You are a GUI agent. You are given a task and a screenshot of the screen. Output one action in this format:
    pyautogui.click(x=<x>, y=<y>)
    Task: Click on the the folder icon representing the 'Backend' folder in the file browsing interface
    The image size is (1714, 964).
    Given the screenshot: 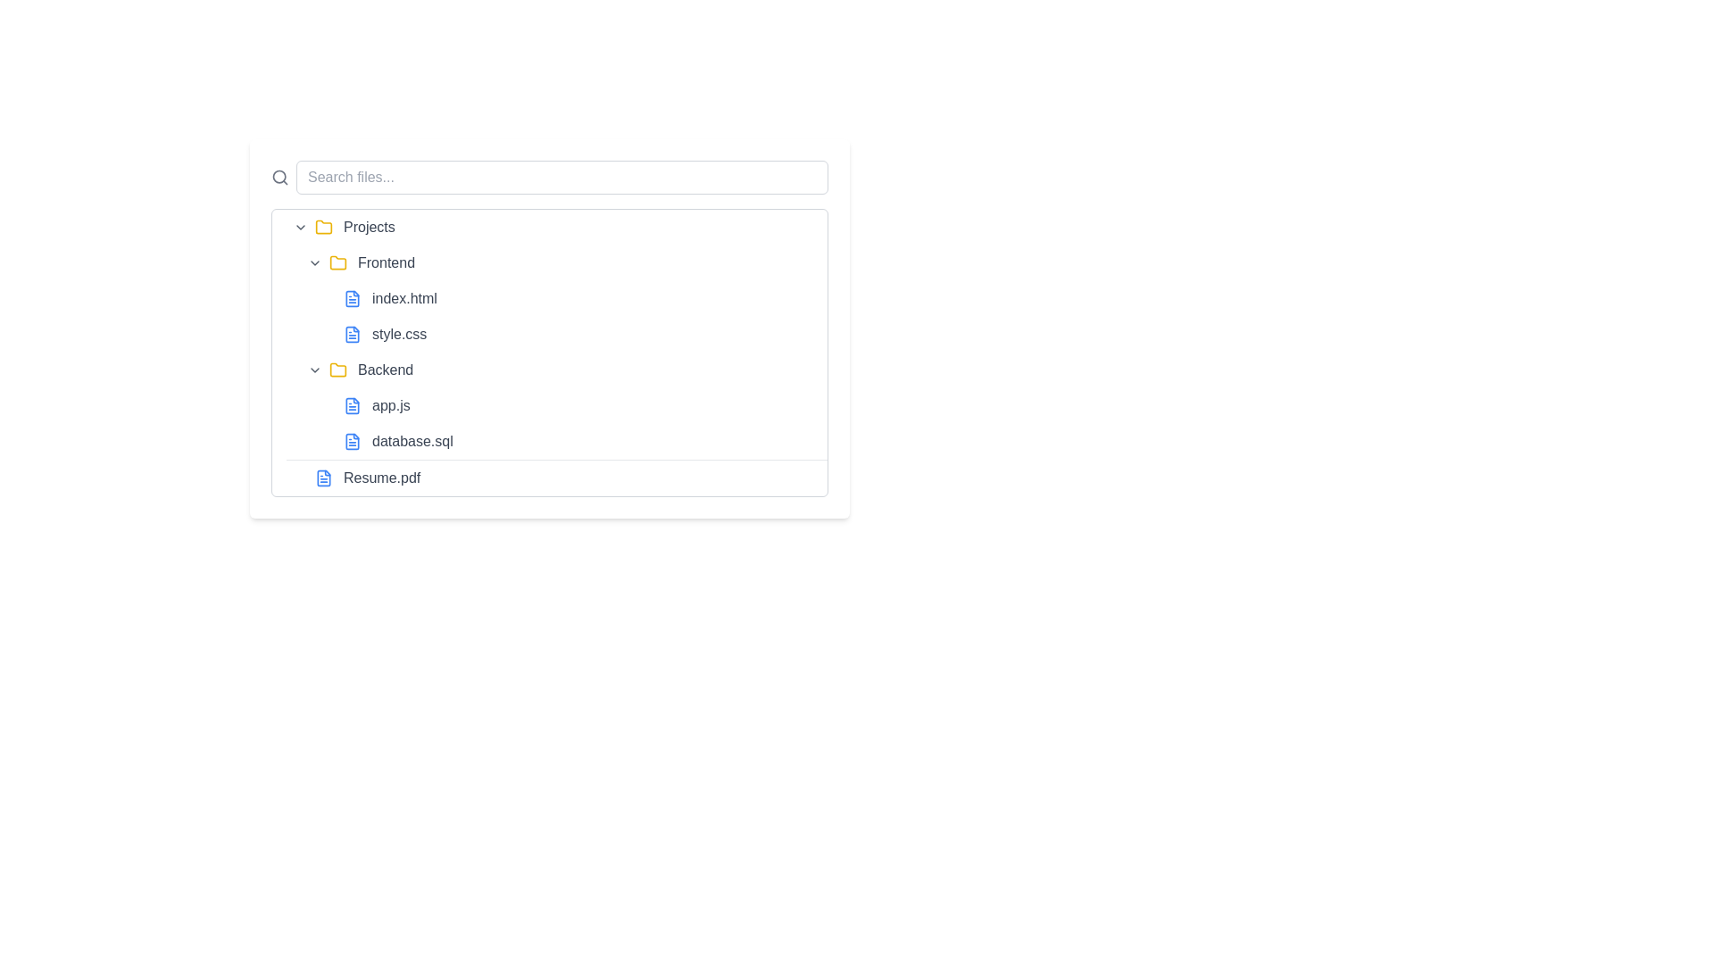 What is the action you would take?
    pyautogui.click(x=338, y=370)
    